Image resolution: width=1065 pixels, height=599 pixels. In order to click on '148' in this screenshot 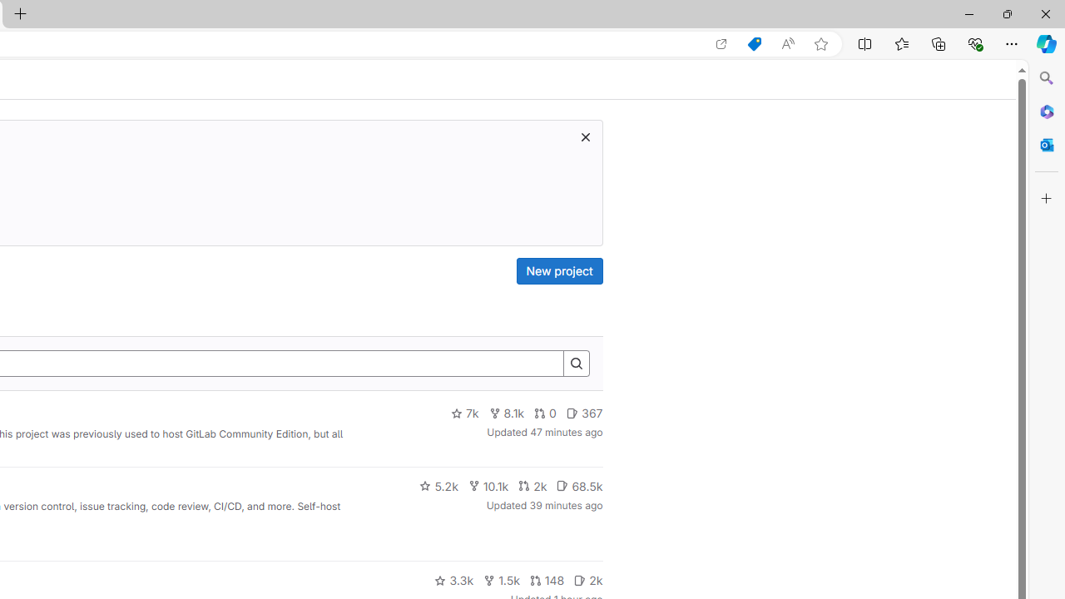, I will do `click(547, 580)`.